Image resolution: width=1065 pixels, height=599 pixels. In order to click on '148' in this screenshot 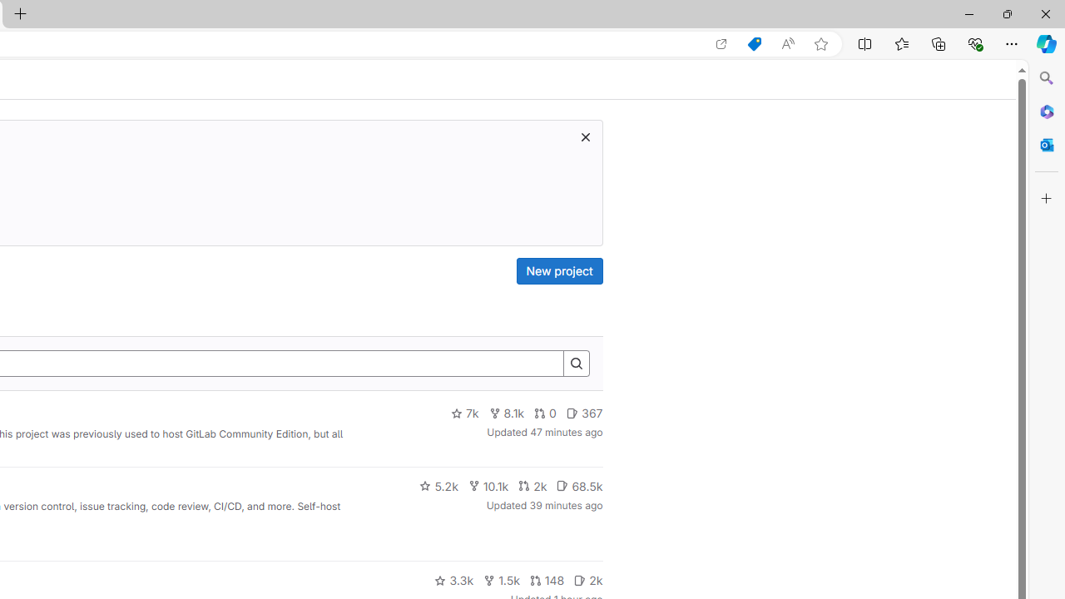, I will do `click(547, 580)`.